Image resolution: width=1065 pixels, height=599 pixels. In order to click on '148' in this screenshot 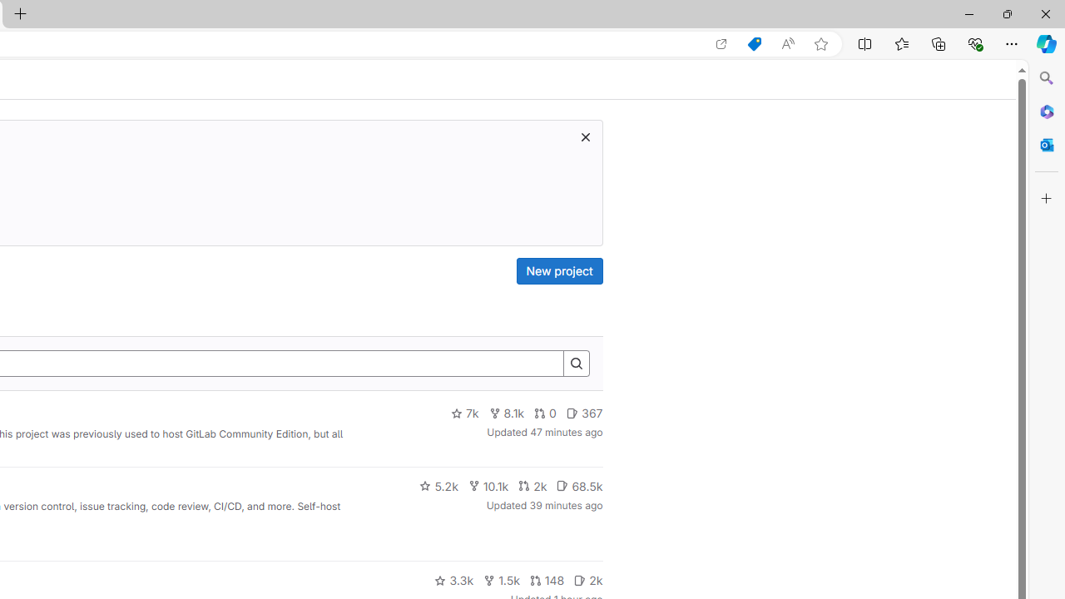, I will do `click(547, 580)`.